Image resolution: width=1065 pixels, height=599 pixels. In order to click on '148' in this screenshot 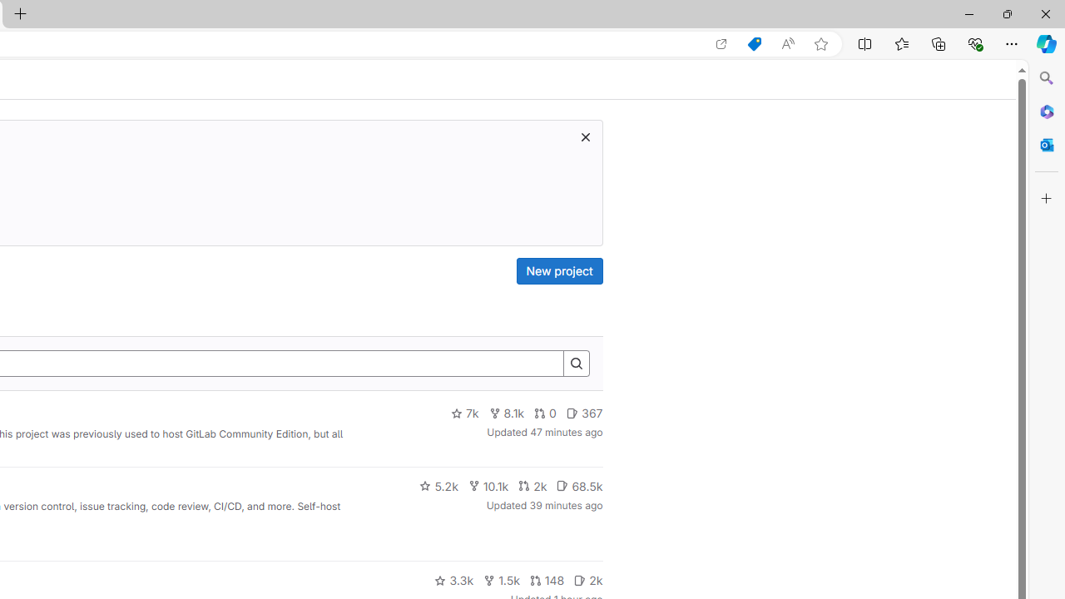, I will do `click(547, 580)`.